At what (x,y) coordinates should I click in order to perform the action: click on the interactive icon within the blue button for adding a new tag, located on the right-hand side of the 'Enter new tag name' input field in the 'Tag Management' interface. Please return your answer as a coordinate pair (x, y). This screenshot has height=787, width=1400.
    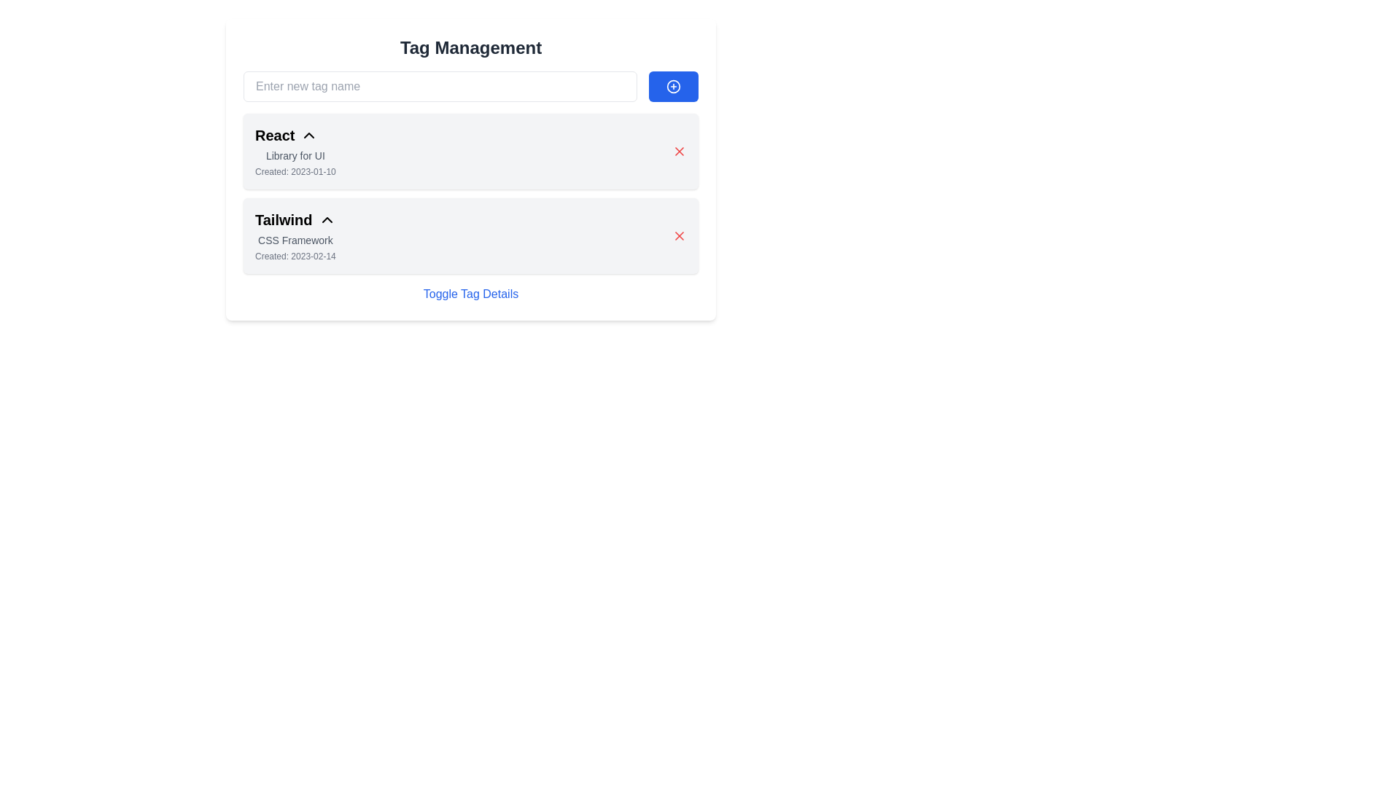
    Looking at the image, I should click on (673, 87).